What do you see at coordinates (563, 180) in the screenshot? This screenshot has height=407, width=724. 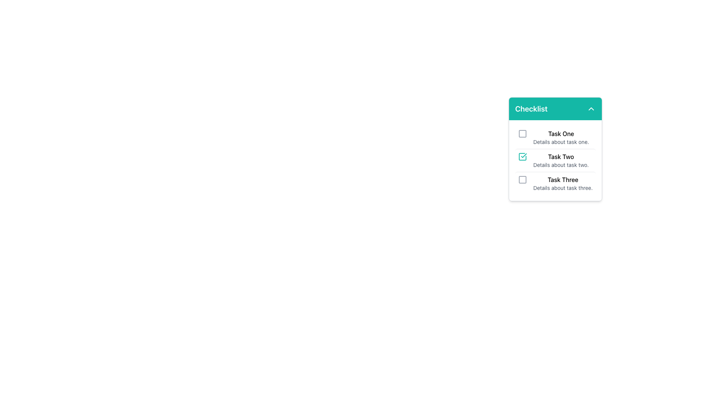 I see `the text label displaying 'Task Three' in bold font style, which is part of a checklist interface and is located towards the bottom of the list` at bounding box center [563, 180].